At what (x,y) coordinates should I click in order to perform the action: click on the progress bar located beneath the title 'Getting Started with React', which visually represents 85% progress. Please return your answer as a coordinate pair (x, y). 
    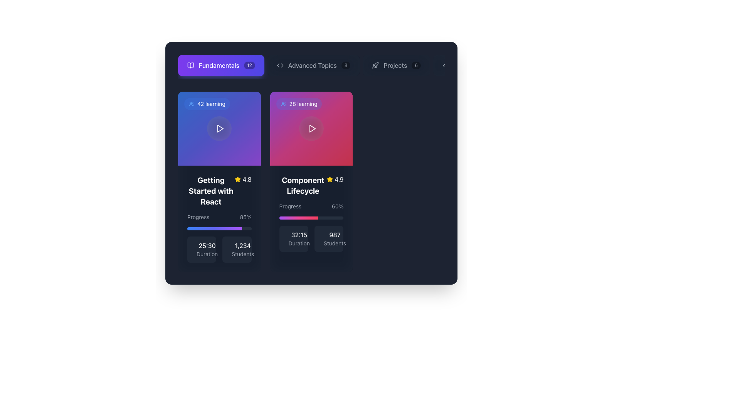
    Looking at the image, I should click on (219, 228).